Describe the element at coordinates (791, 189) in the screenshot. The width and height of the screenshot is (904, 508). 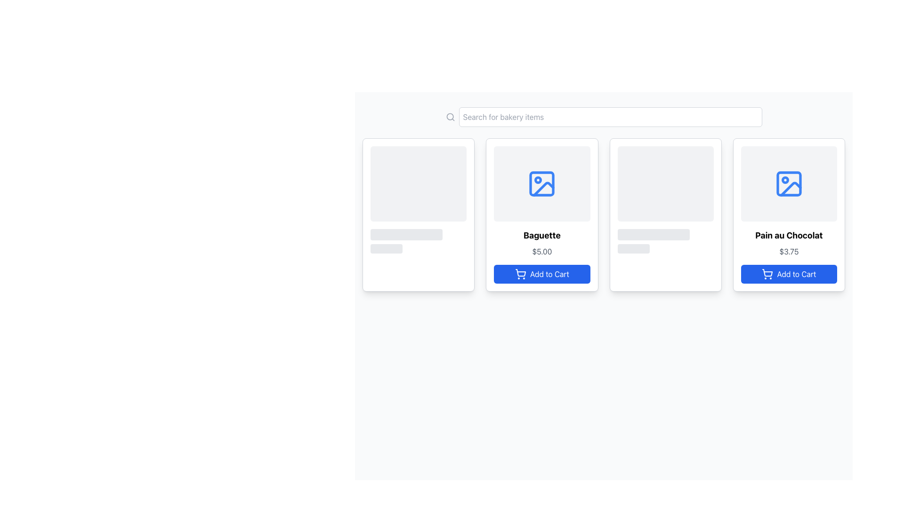
I see `the decorative triangle icon located at the bottom-right corner of the 'Pain au Chocolat' product card` at that location.